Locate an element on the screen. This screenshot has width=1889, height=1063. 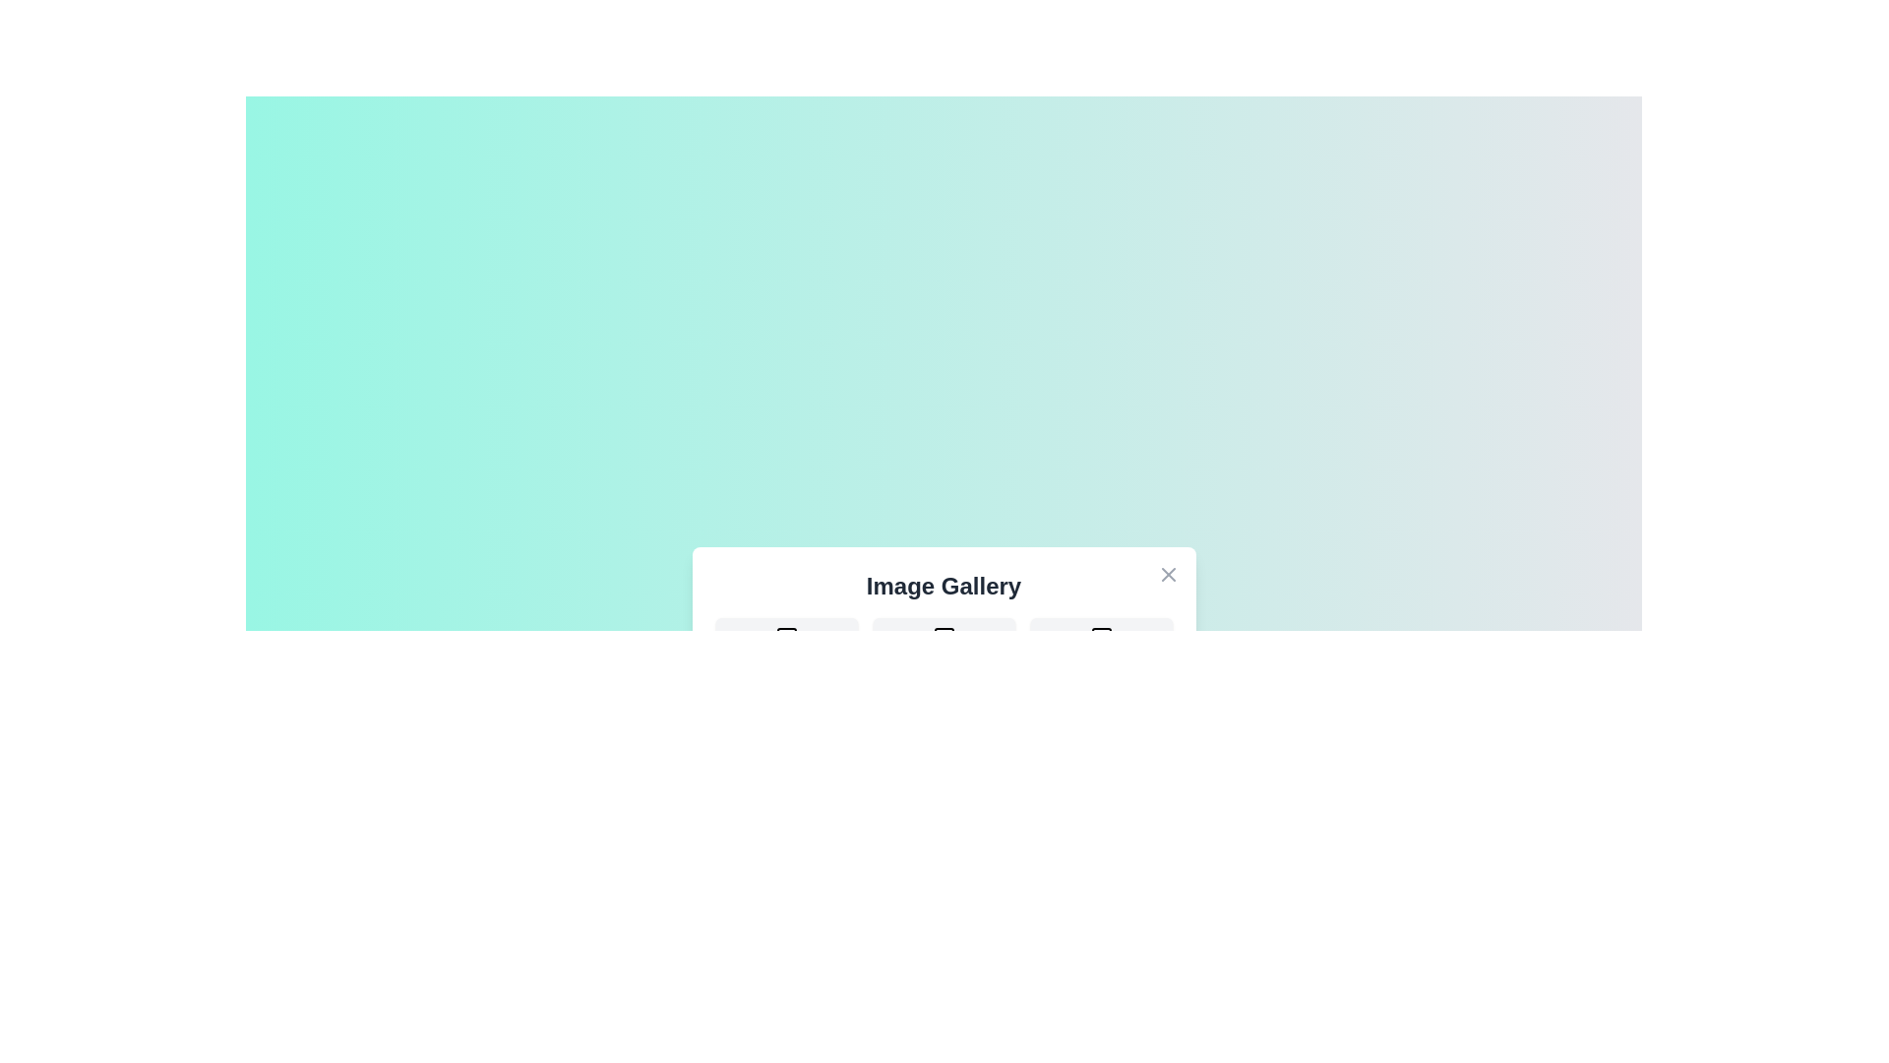
the image titled Landscape from the gallery is located at coordinates (785, 652).